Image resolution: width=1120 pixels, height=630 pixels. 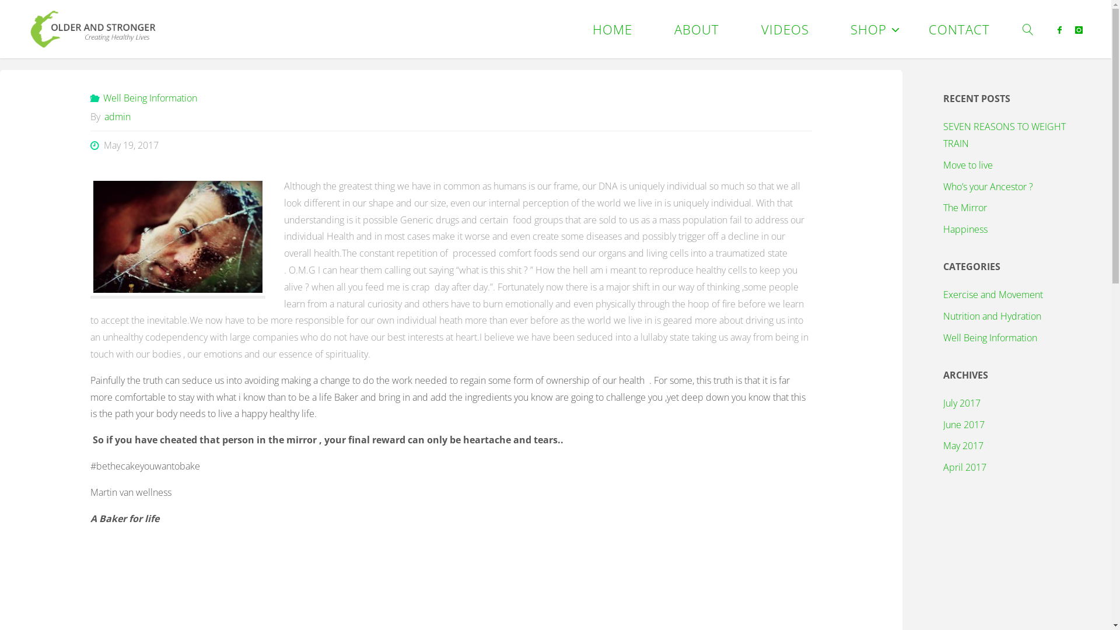 I want to click on 'HOME', so click(x=612, y=29).